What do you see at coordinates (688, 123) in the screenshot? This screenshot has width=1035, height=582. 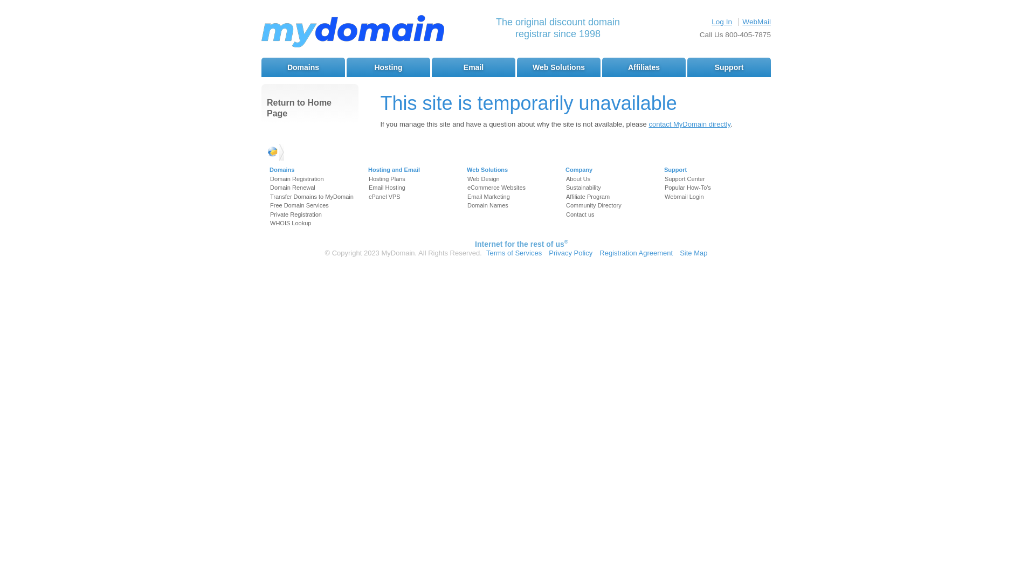 I see `'contact MyDomain directly'` at bounding box center [688, 123].